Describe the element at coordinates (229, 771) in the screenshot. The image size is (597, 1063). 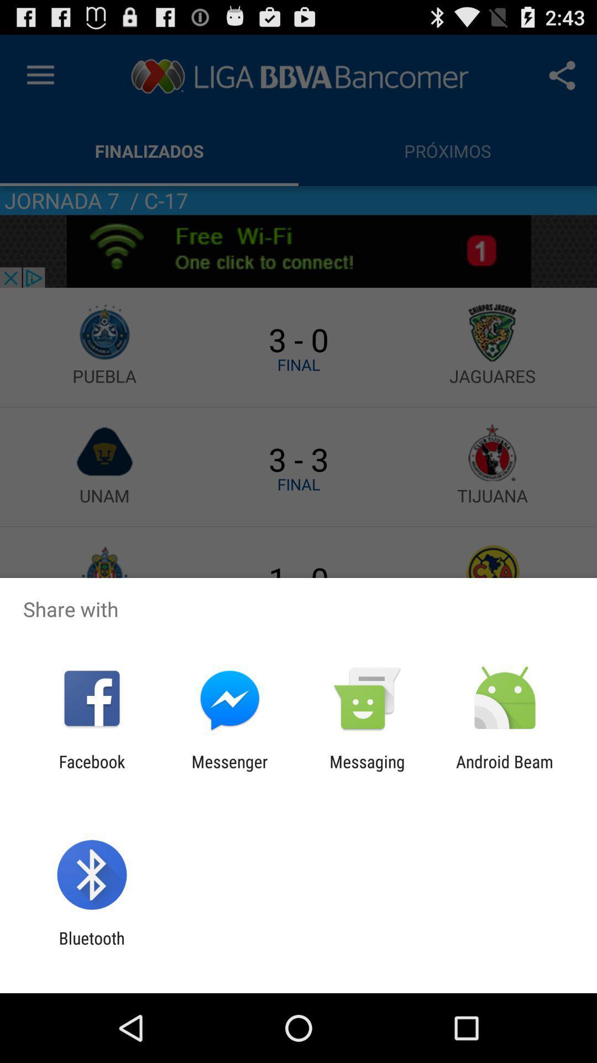
I see `messenger` at that location.